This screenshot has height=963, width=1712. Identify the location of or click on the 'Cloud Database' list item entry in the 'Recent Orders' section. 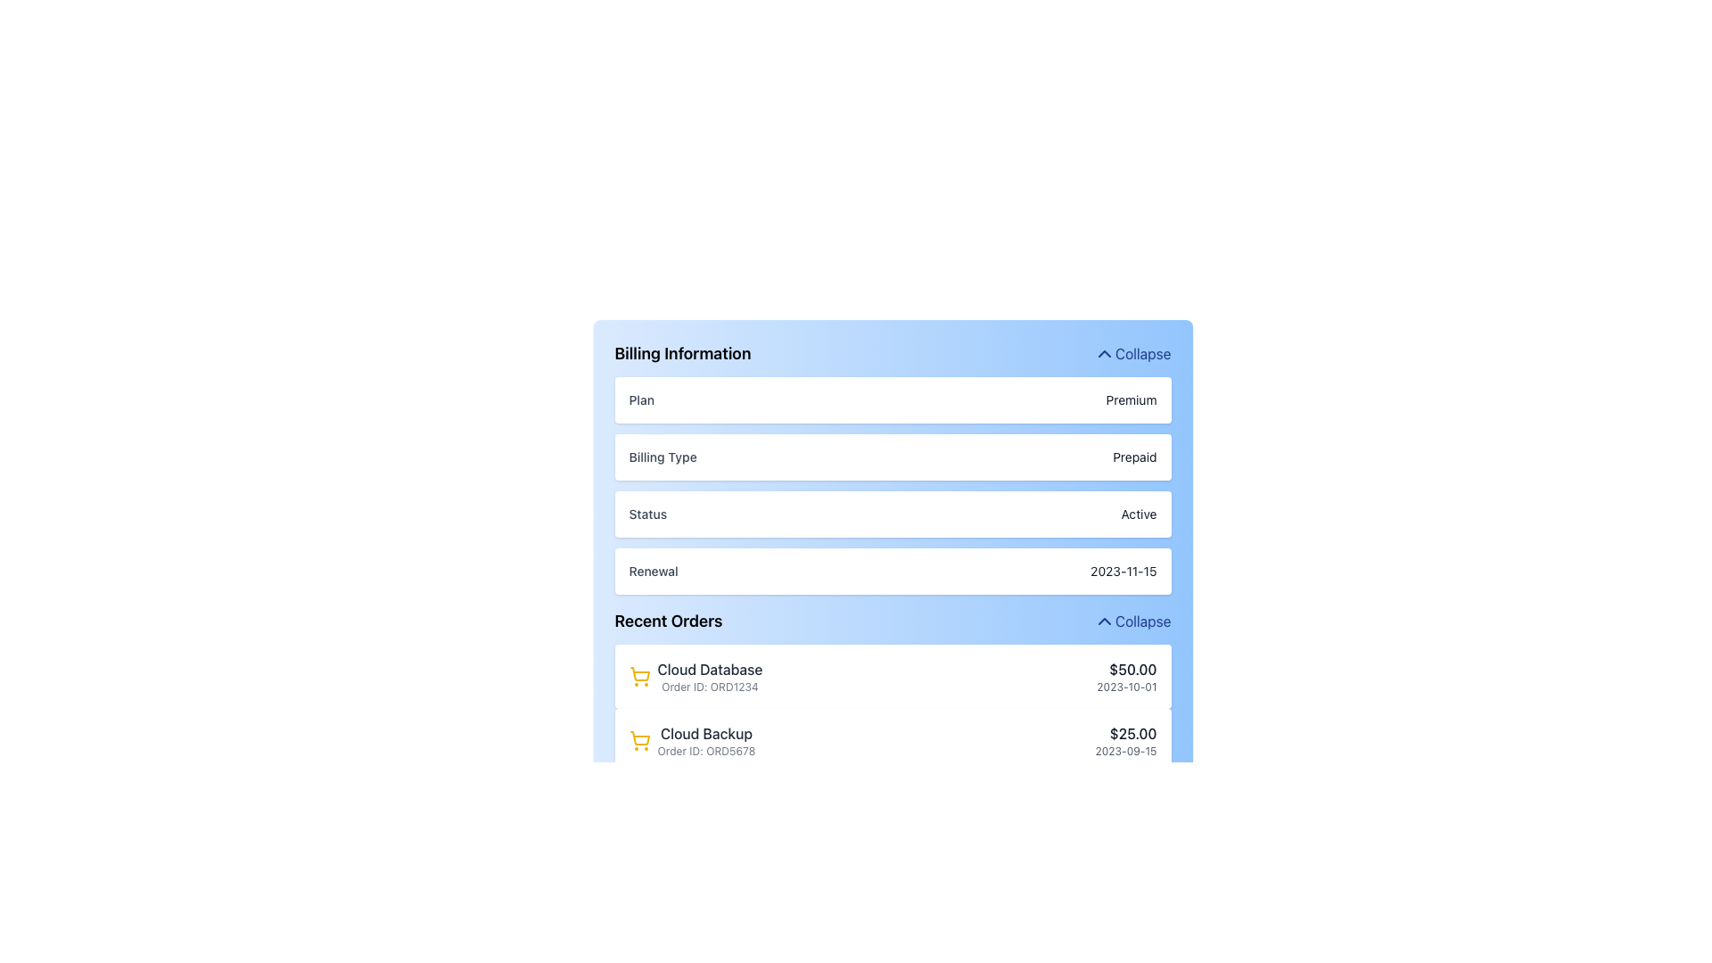
(695, 677).